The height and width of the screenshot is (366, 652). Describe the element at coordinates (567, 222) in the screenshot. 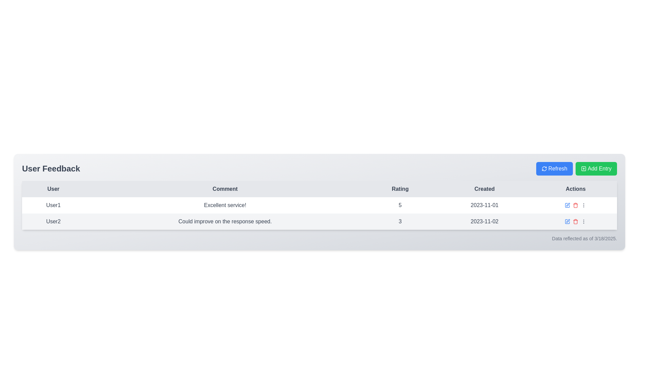

I see `the edit button icon located in the 'Actions' column for 'User2' to initiate editing of the entry details` at that location.